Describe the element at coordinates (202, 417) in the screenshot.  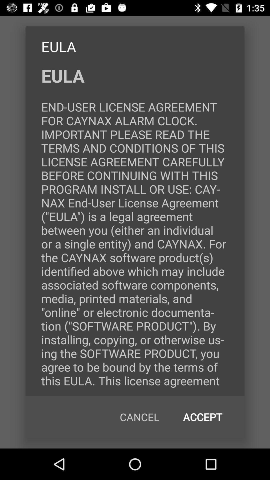
I see `the button next to the cancel icon` at that location.